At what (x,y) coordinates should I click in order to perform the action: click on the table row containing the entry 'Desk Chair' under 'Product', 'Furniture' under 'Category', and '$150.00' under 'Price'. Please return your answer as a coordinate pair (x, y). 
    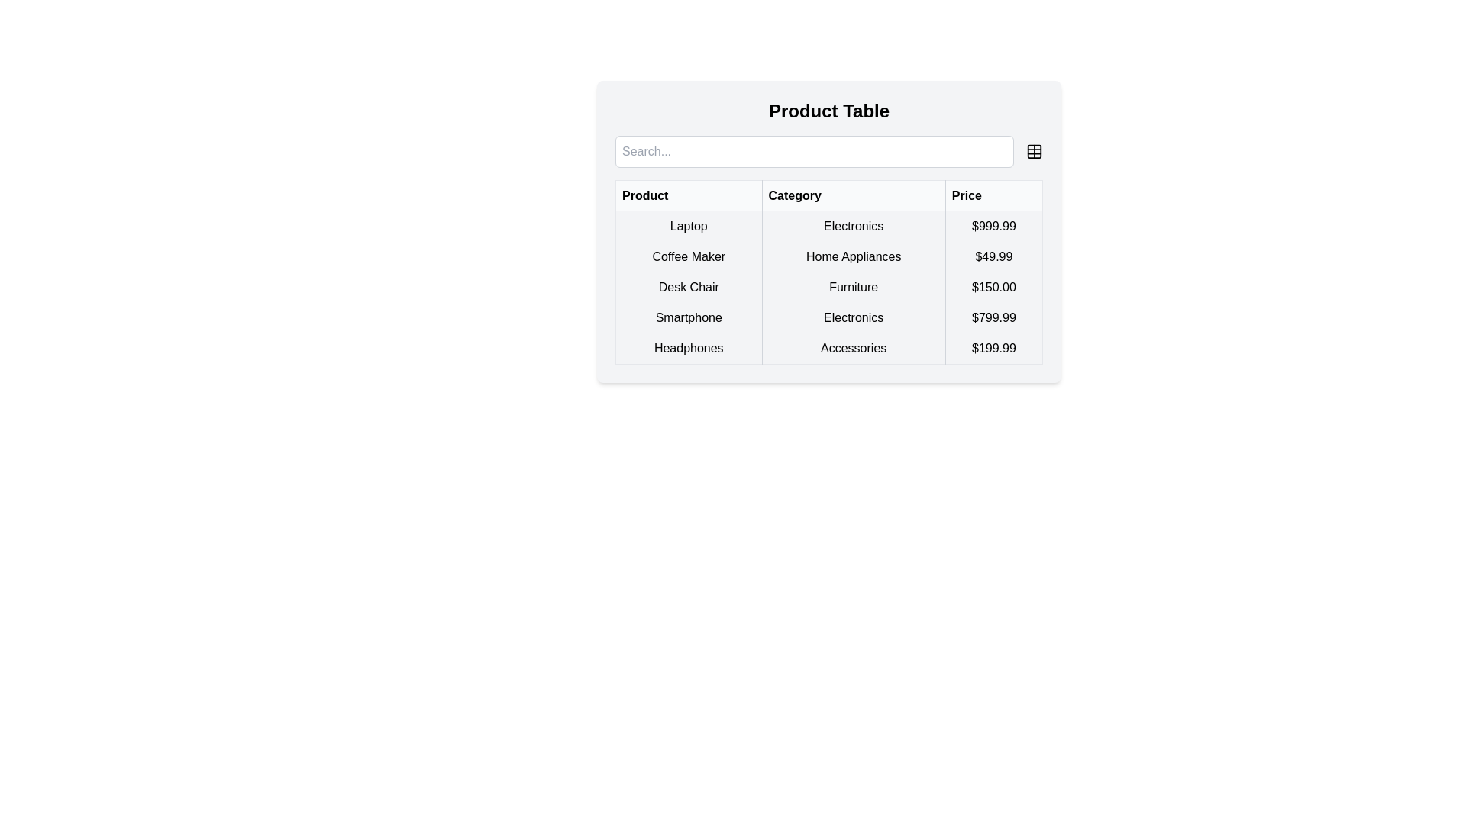
    Looking at the image, I should click on (828, 288).